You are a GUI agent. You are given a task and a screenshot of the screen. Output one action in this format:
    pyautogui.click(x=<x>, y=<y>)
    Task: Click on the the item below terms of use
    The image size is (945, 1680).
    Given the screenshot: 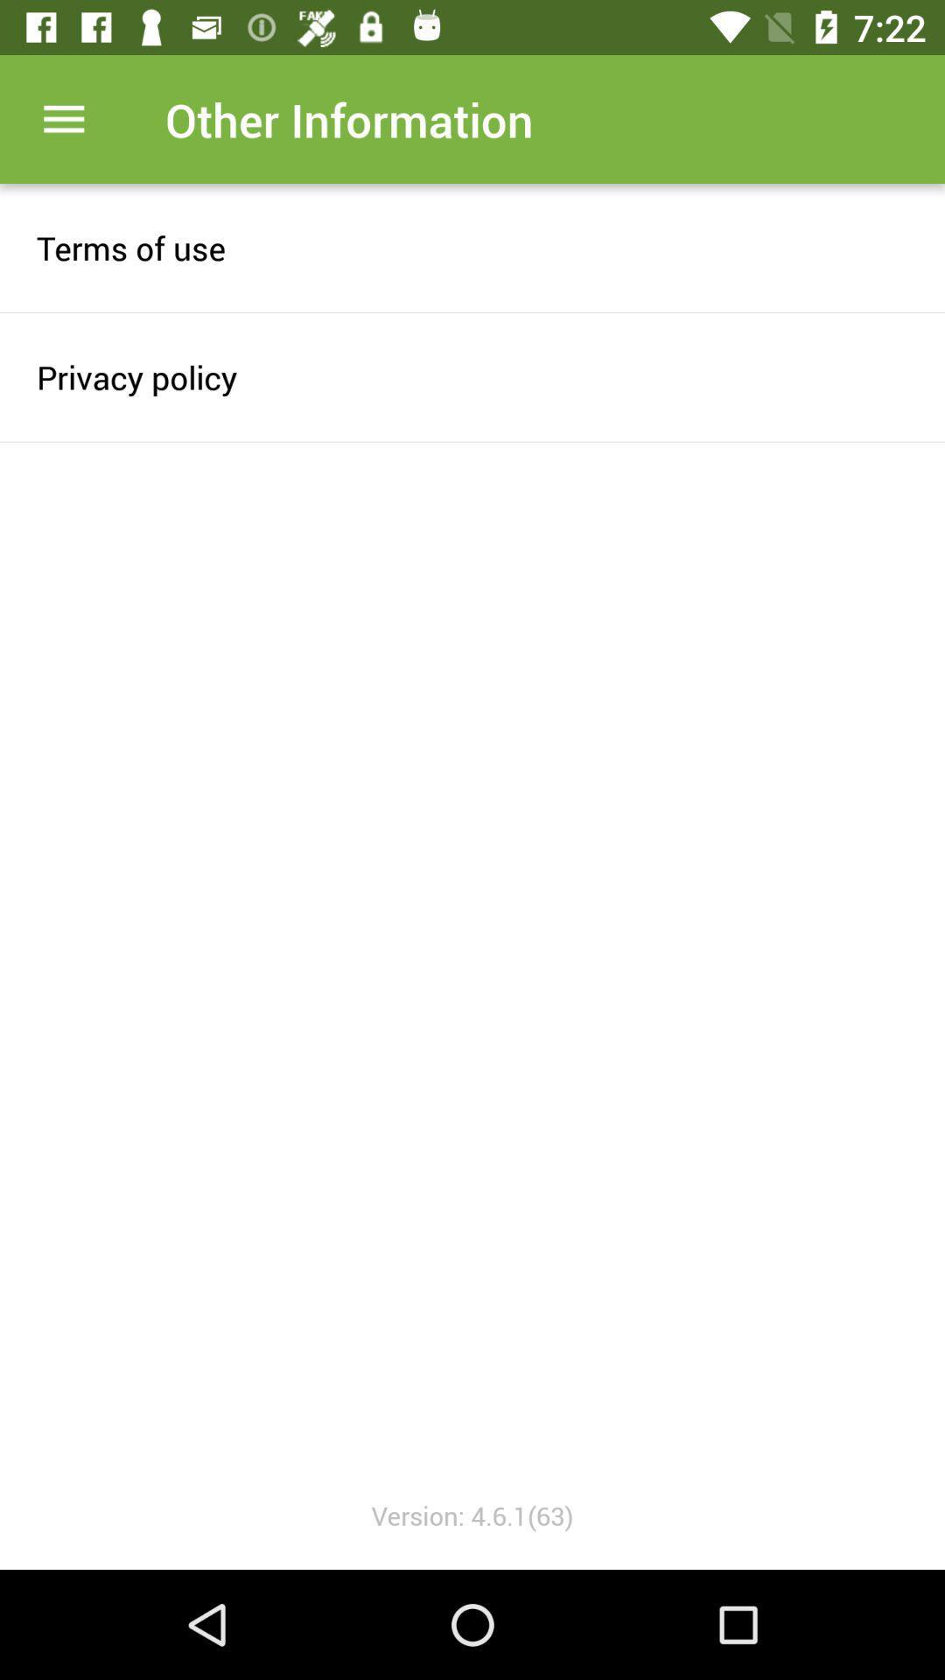 What is the action you would take?
    pyautogui.click(x=472, y=376)
    